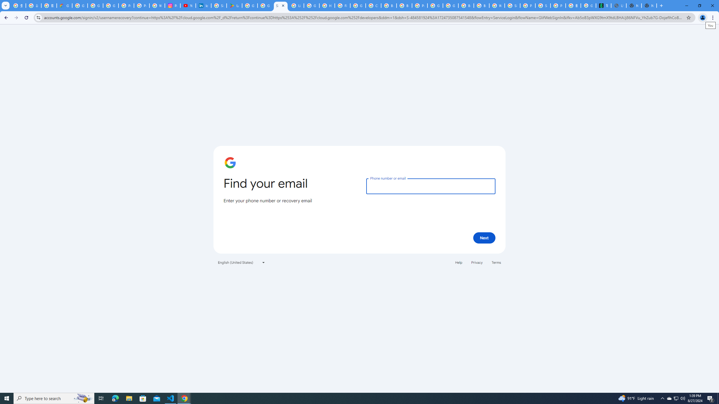 The height and width of the screenshot is (404, 719). Describe the element at coordinates (327, 5) in the screenshot. I see `'How do I create a new Google Account? - Google Account Help'` at that location.